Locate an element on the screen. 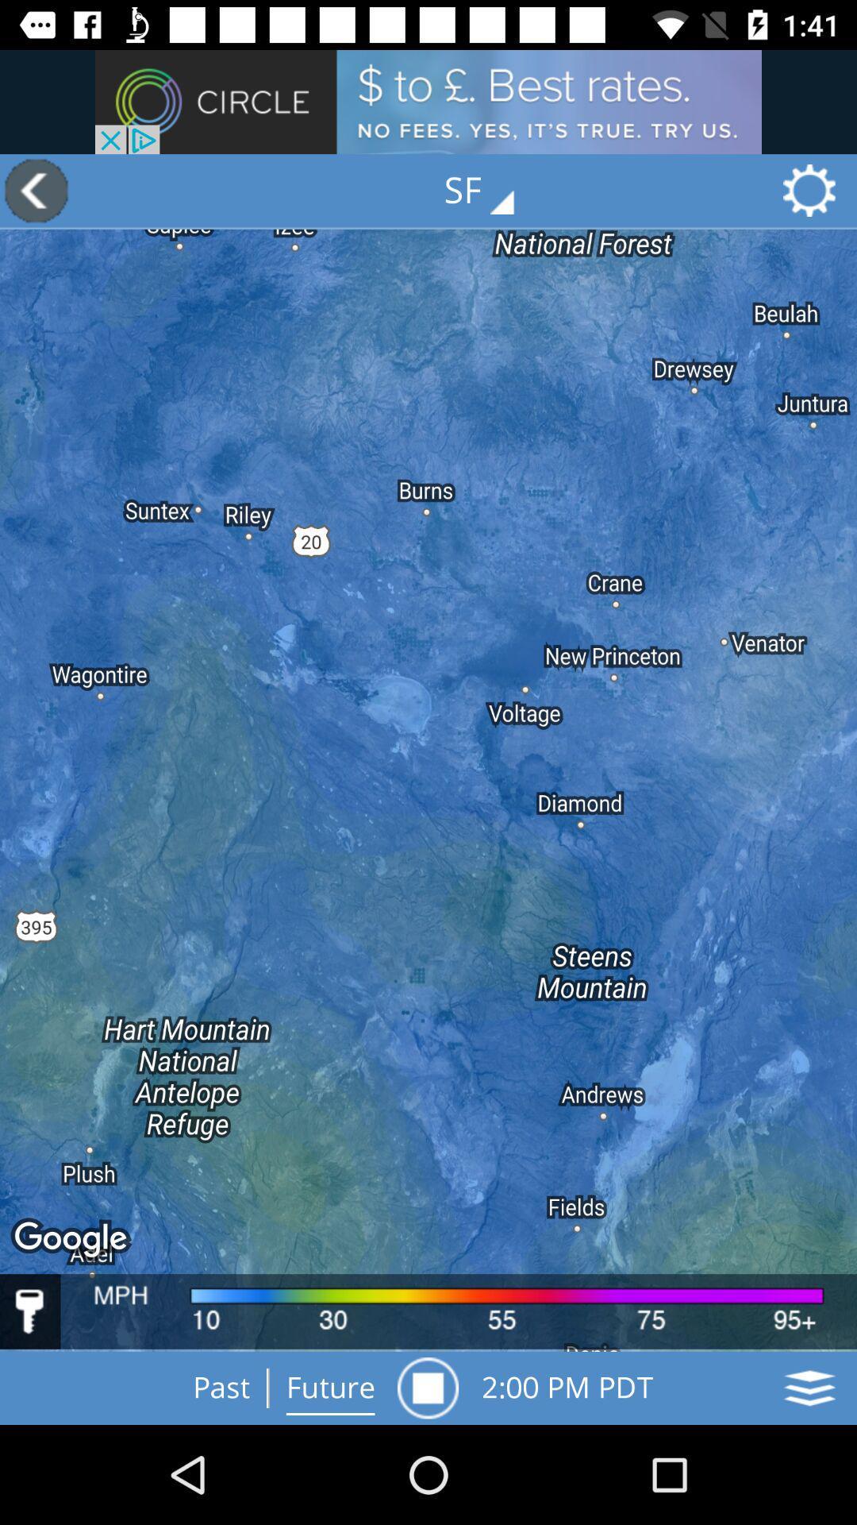  option past at bottom of page is located at coordinates (221, 1387).